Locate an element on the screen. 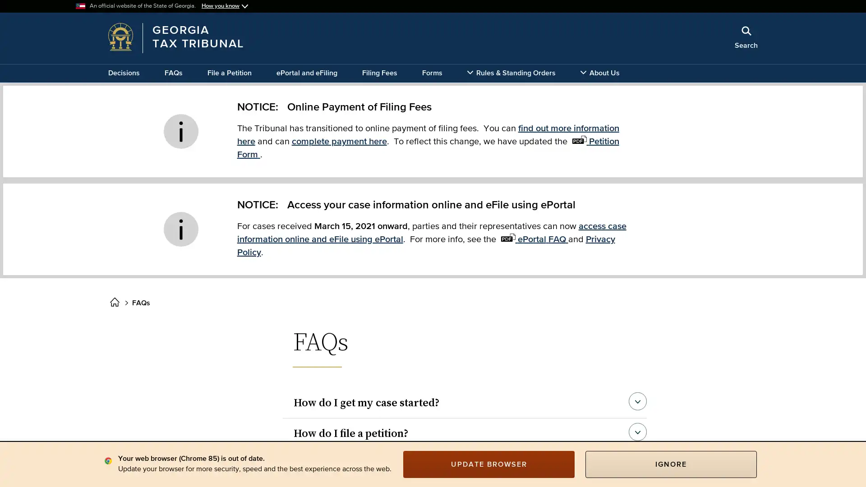  Search is located at coordinates (709, 127).